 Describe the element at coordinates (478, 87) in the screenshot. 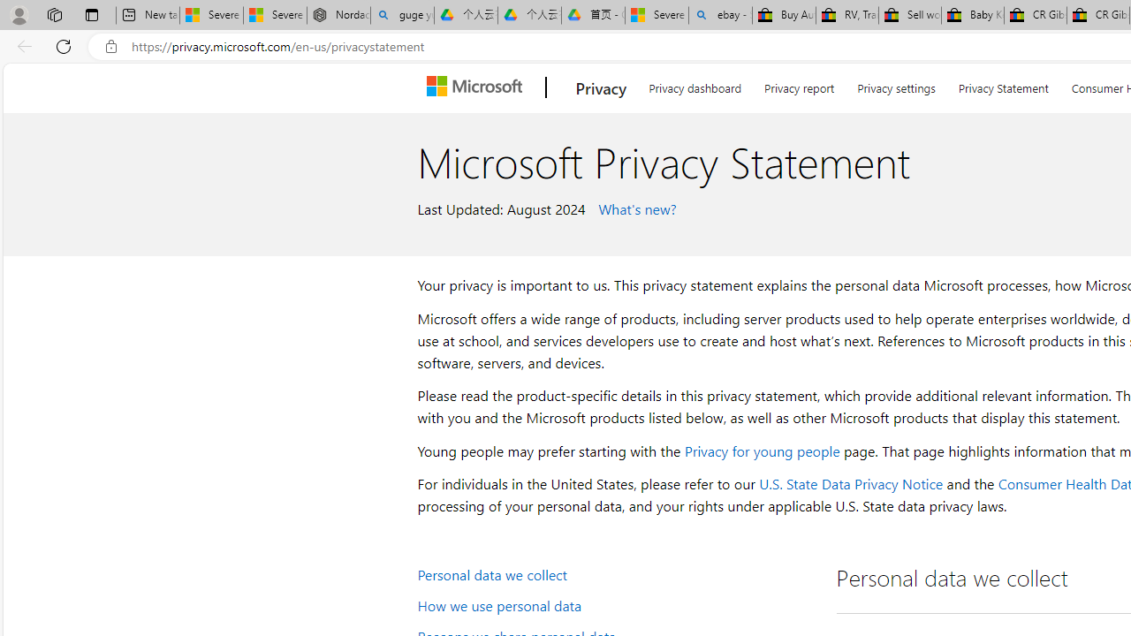

I see `'Microsoft'` at that location.